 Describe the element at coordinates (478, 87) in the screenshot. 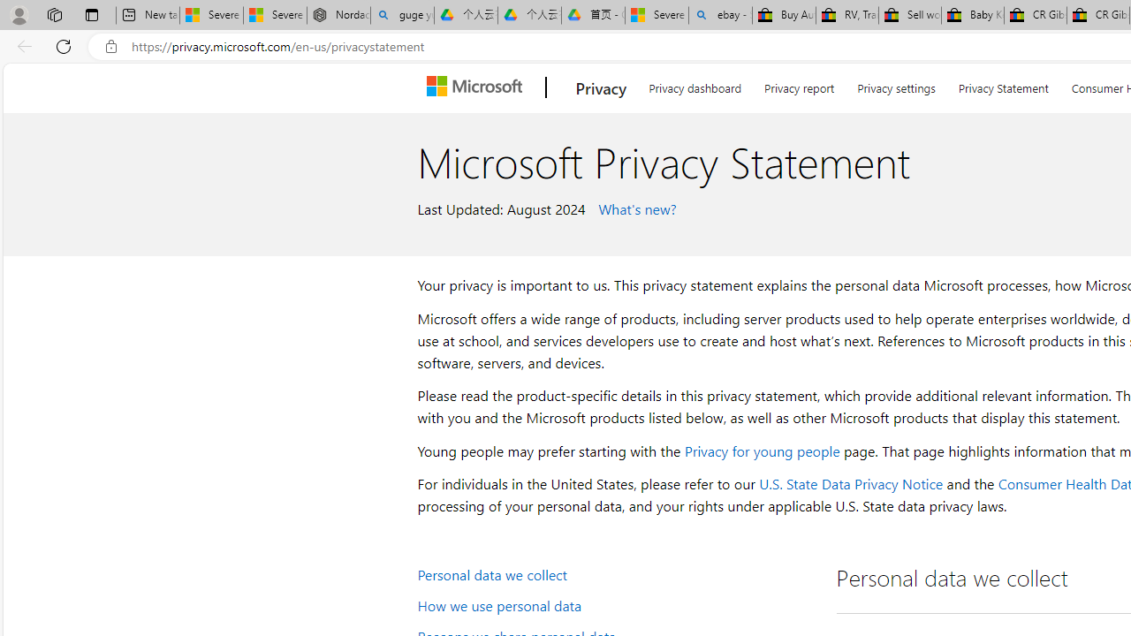

I see `'Microsoft'` at that location.